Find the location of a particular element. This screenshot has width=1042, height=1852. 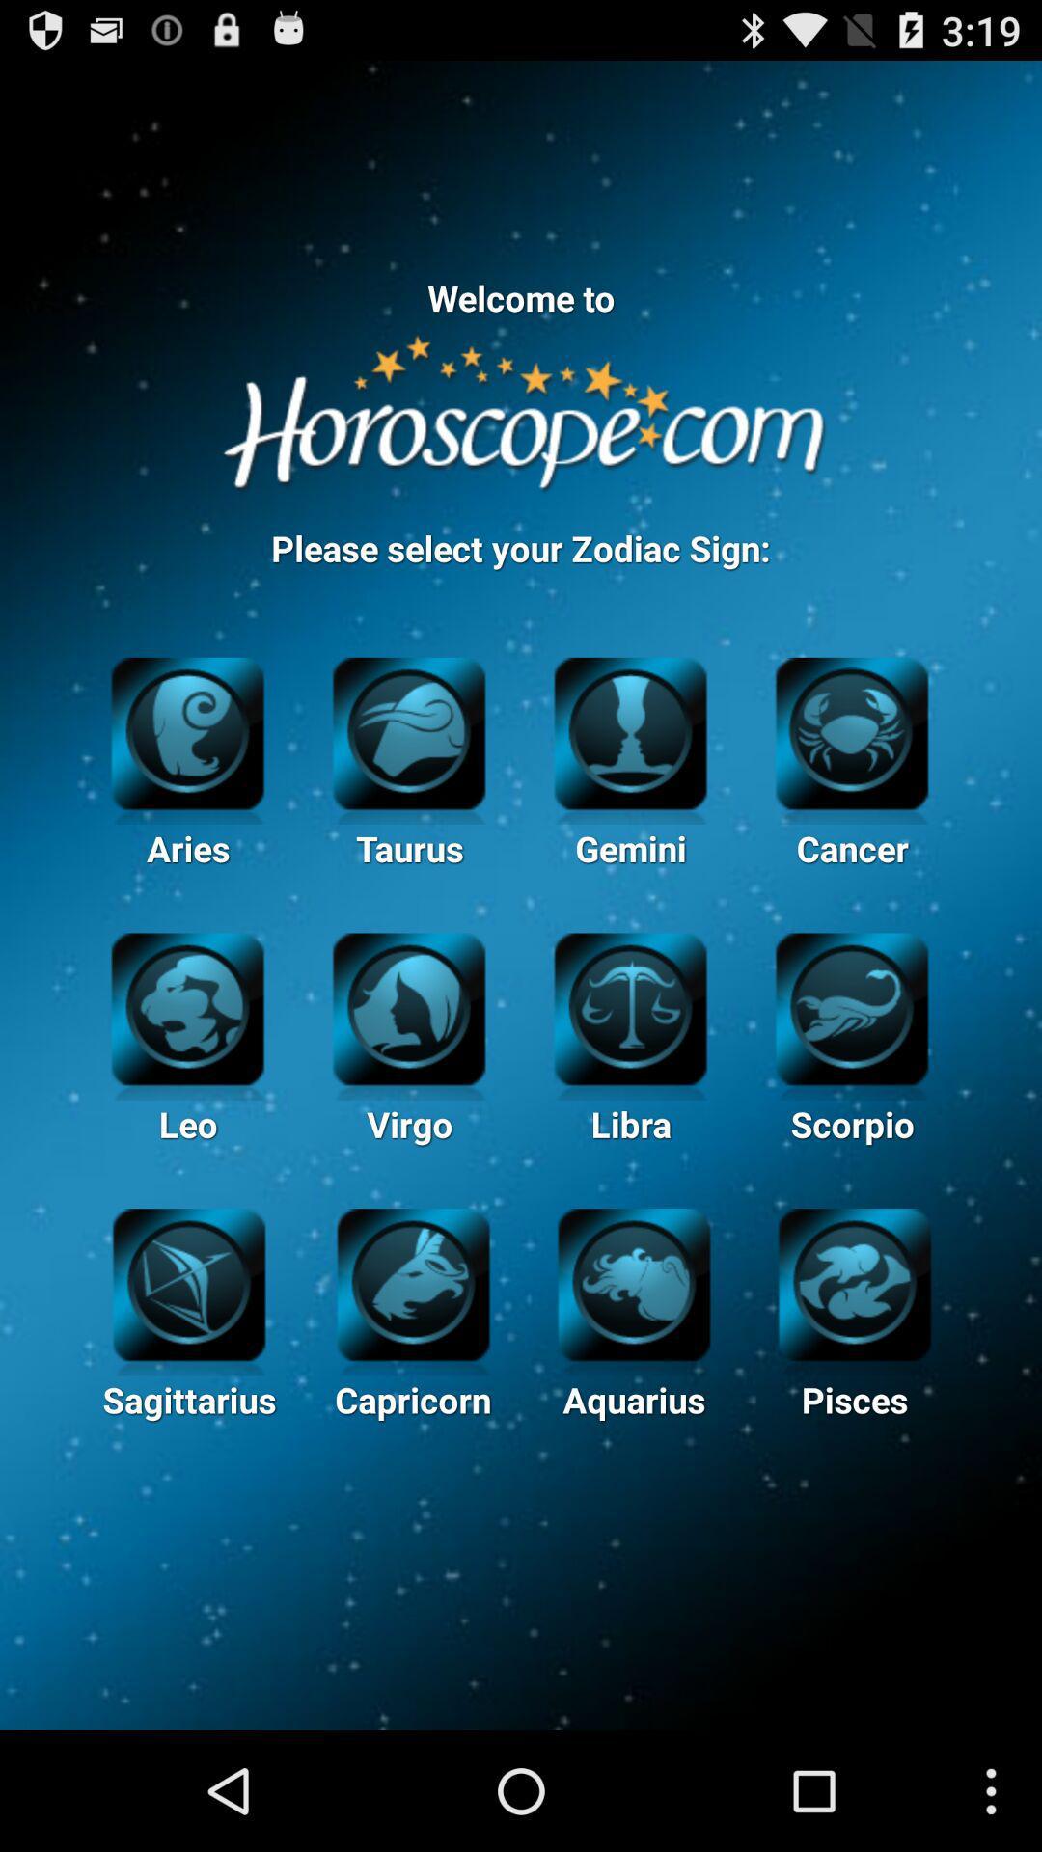

the second image in the first row is located at coordinates (408, 730).